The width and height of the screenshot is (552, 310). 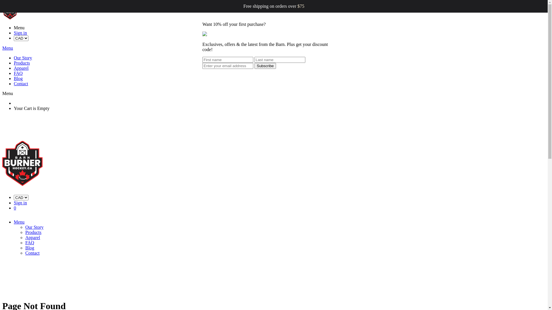 What do you see at coordinates (33, 232) in the screenshot?
I see `'Products'` at bounding box center [33, 232].